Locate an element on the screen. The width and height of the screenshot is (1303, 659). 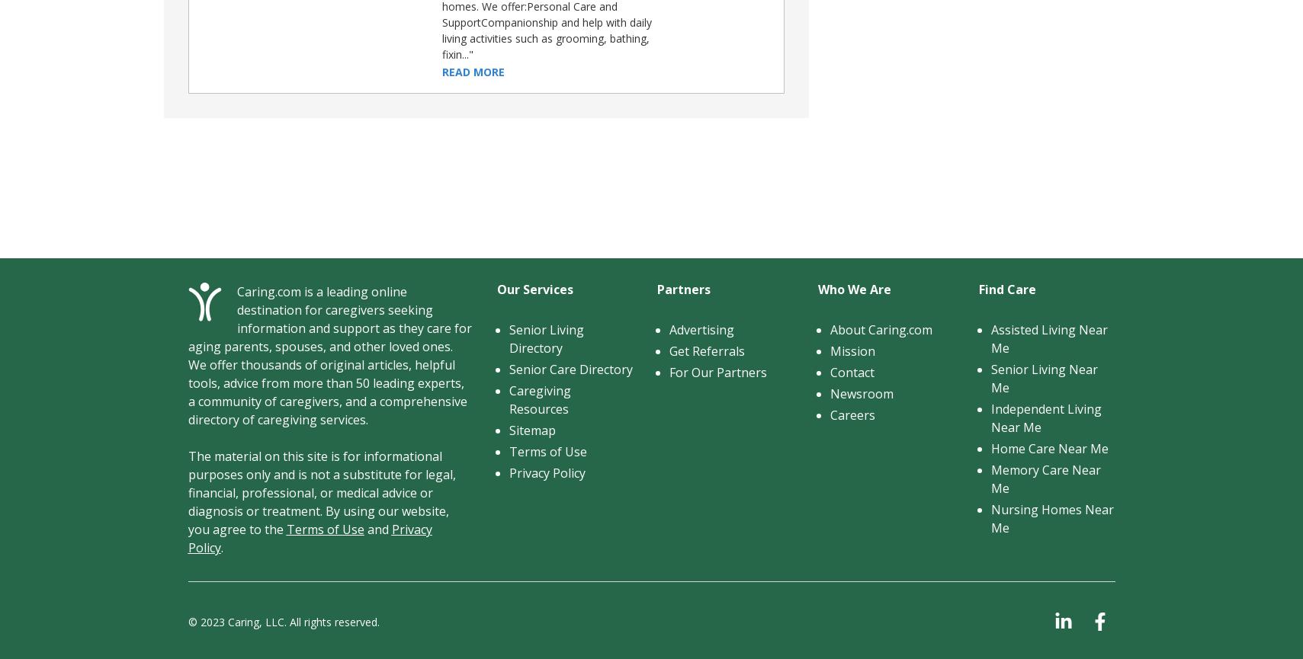
'Memory Care Near Me' is located at coordinates (1045, 479).